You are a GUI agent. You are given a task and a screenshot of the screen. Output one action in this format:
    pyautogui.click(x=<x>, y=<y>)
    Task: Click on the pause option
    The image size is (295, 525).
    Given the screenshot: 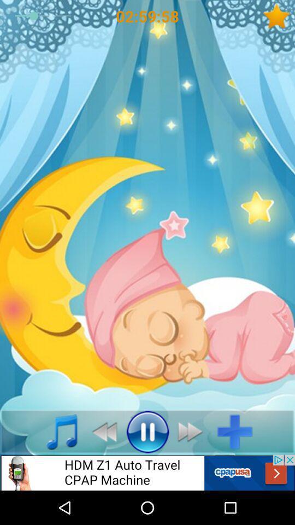 What is the action you would take?
    pyautogui.click(x=147, y=431)
    